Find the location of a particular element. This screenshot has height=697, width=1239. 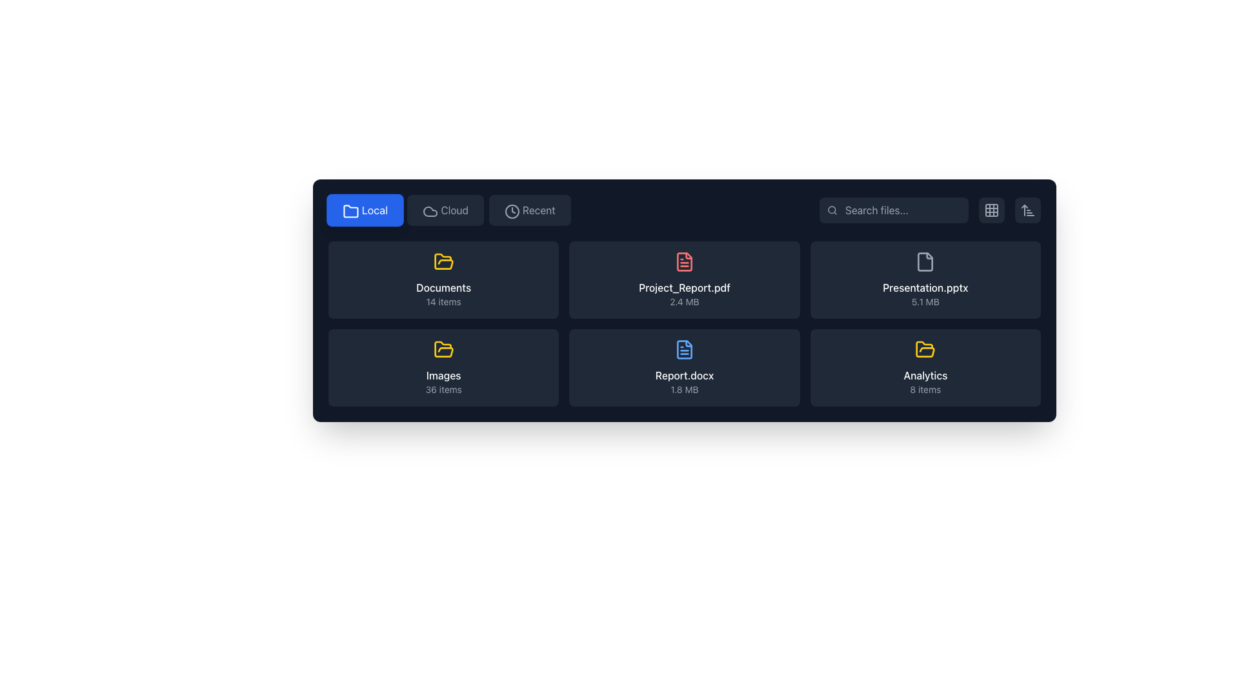

the 'Images' folder card located as the second card in the bottom row of the grid layout is located at coordinates (443, 368).